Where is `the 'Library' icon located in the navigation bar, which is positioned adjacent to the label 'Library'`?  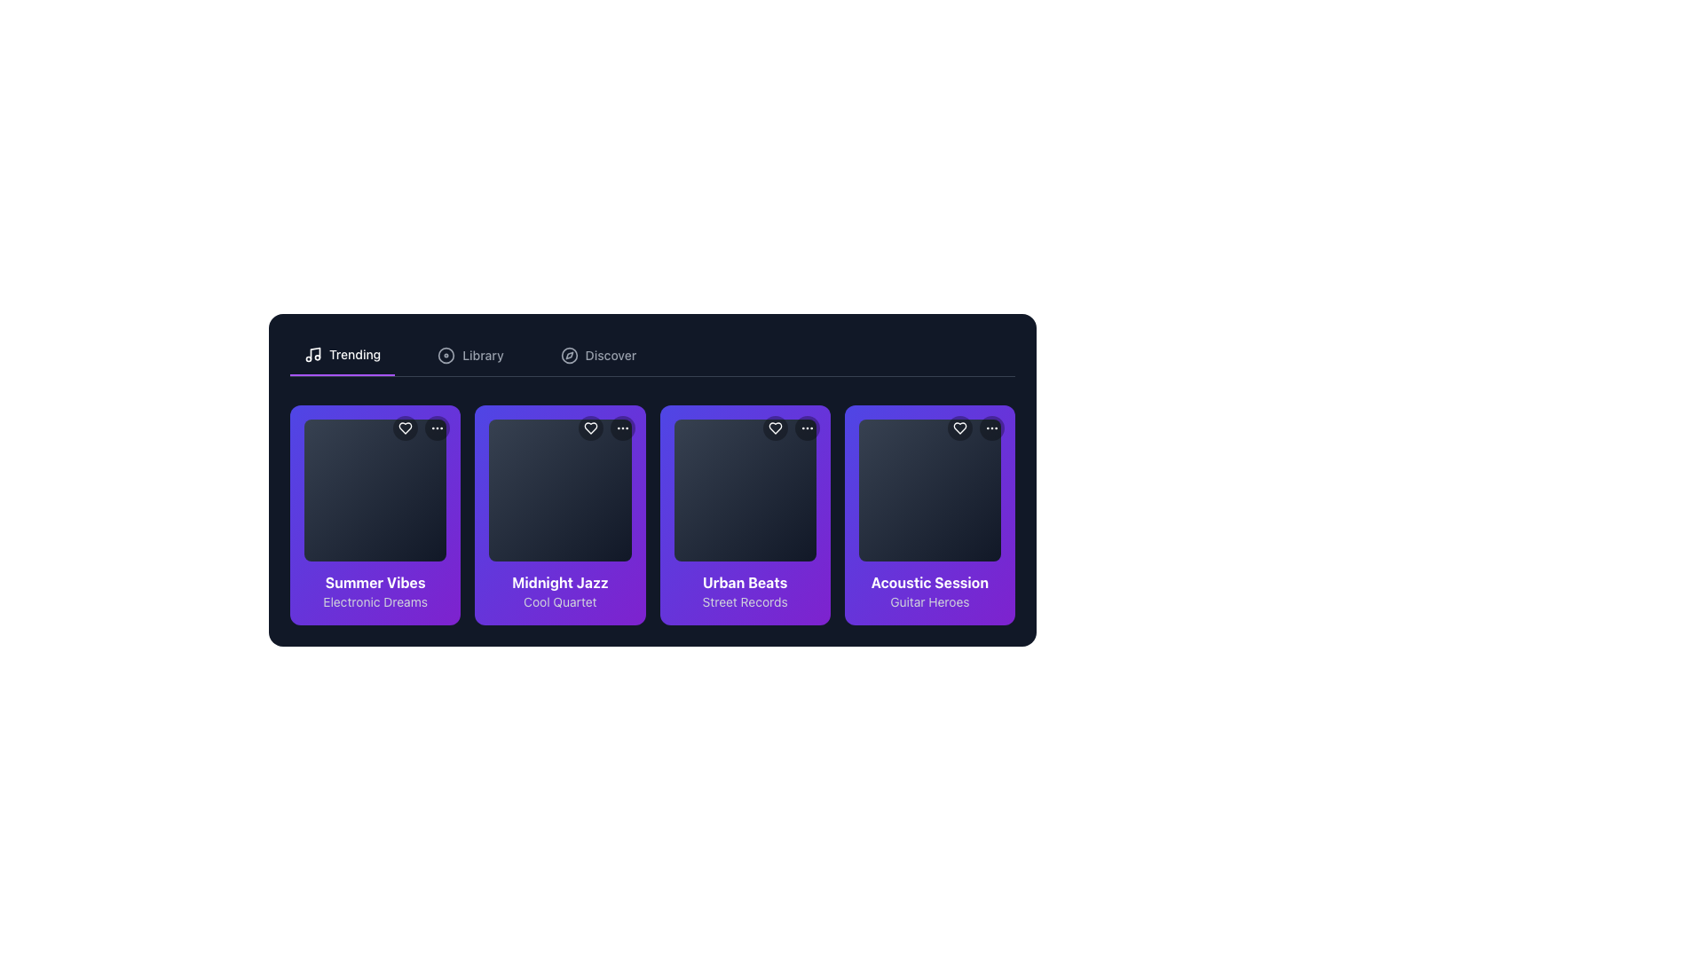 the 'Library' icon located in the navigation bar, which is positioned adjacent to the label 'Library' is located at coordinates (446, 356).